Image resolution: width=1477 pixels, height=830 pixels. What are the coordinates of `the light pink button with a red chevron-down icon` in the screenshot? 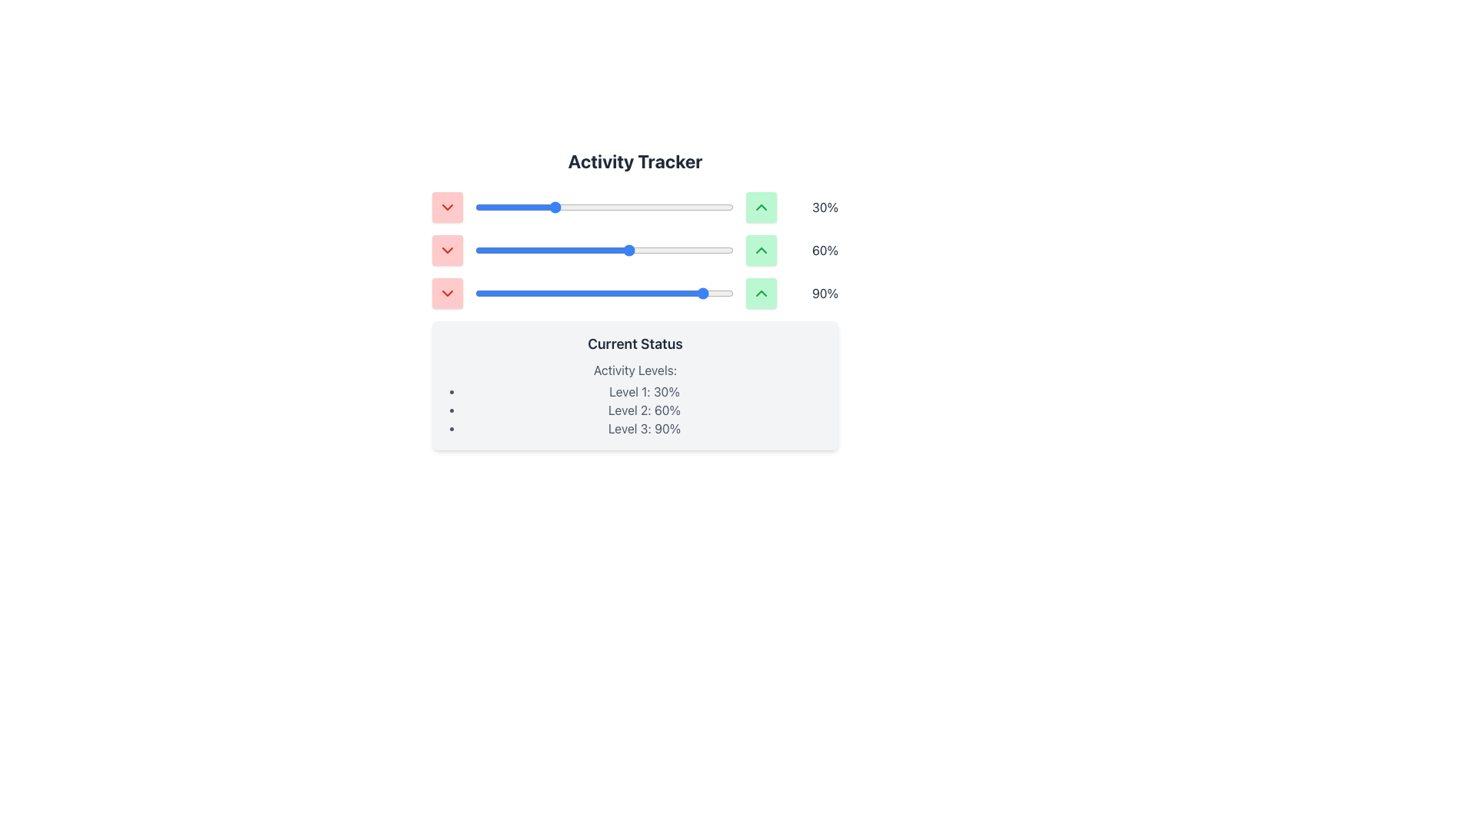 It's located at (446, 293).